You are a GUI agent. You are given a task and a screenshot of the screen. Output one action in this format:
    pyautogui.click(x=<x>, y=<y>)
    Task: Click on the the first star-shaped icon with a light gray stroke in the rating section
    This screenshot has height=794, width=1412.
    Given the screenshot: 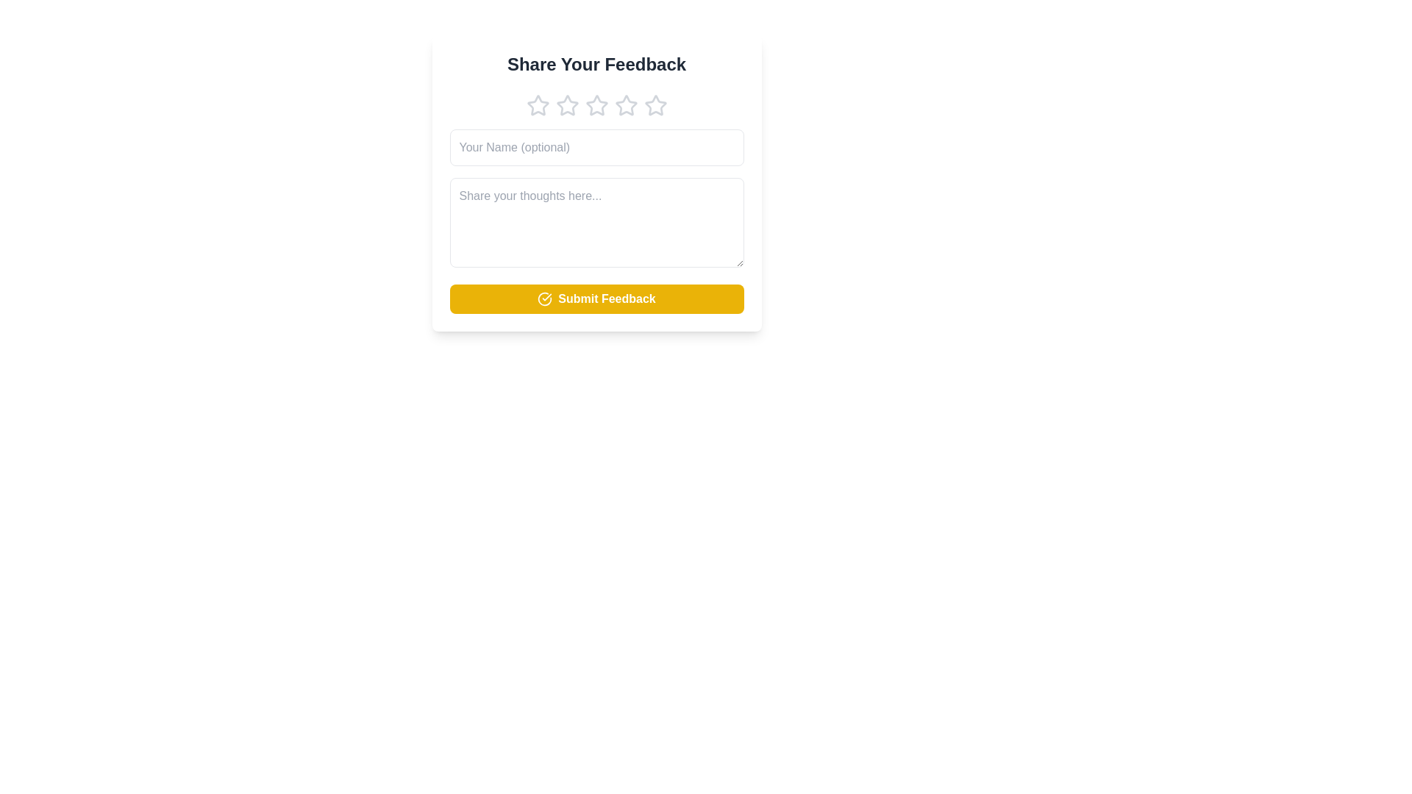 What is the action you would take?
    pyautogui.click(x=537, y=104)
    